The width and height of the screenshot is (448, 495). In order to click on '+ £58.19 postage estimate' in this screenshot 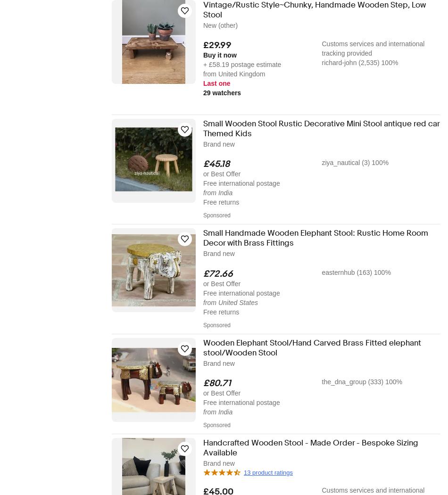, I will do `click(242, 64)`.